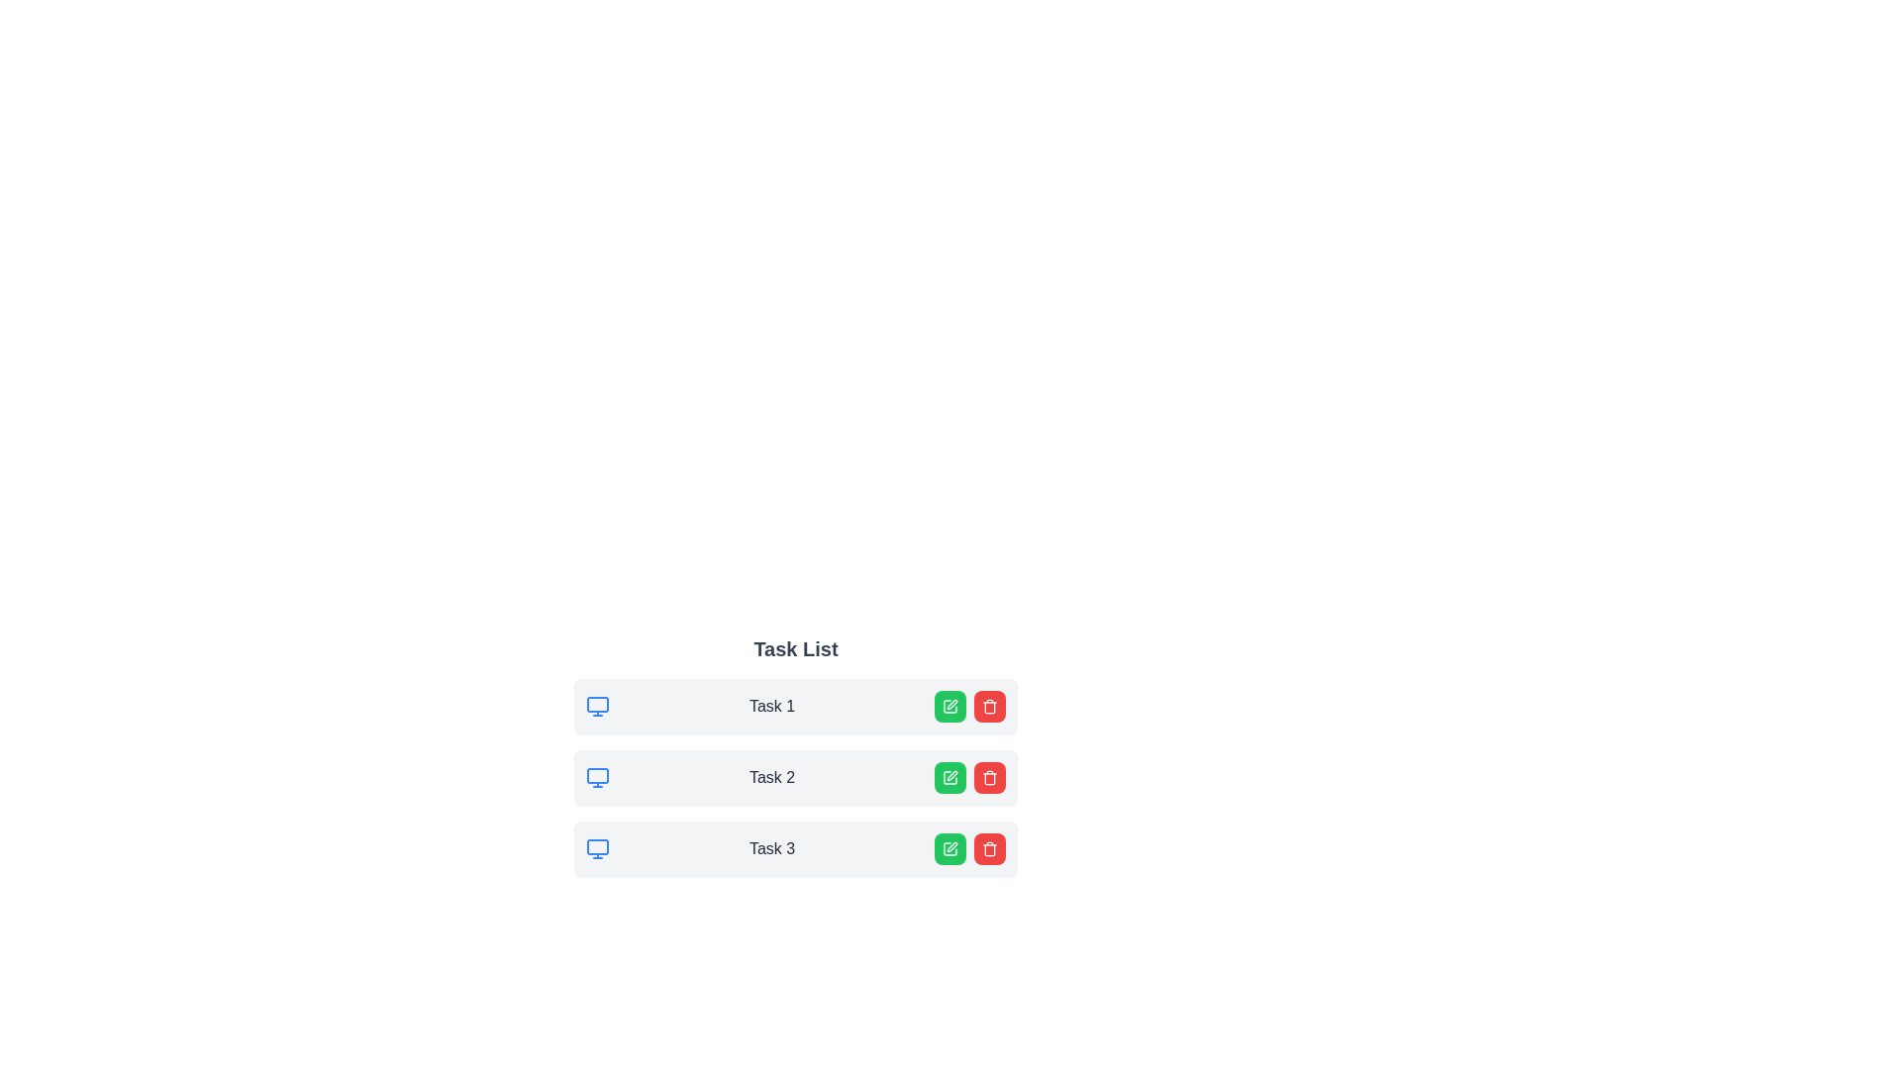 The height and width of the screenshot is (1069, 1901). I want to click on the Text Label displaying the task name, located in the third row of the task list, to the right of the blue monitor icon and to the left of the green and red action buttons, so click(770, 847).